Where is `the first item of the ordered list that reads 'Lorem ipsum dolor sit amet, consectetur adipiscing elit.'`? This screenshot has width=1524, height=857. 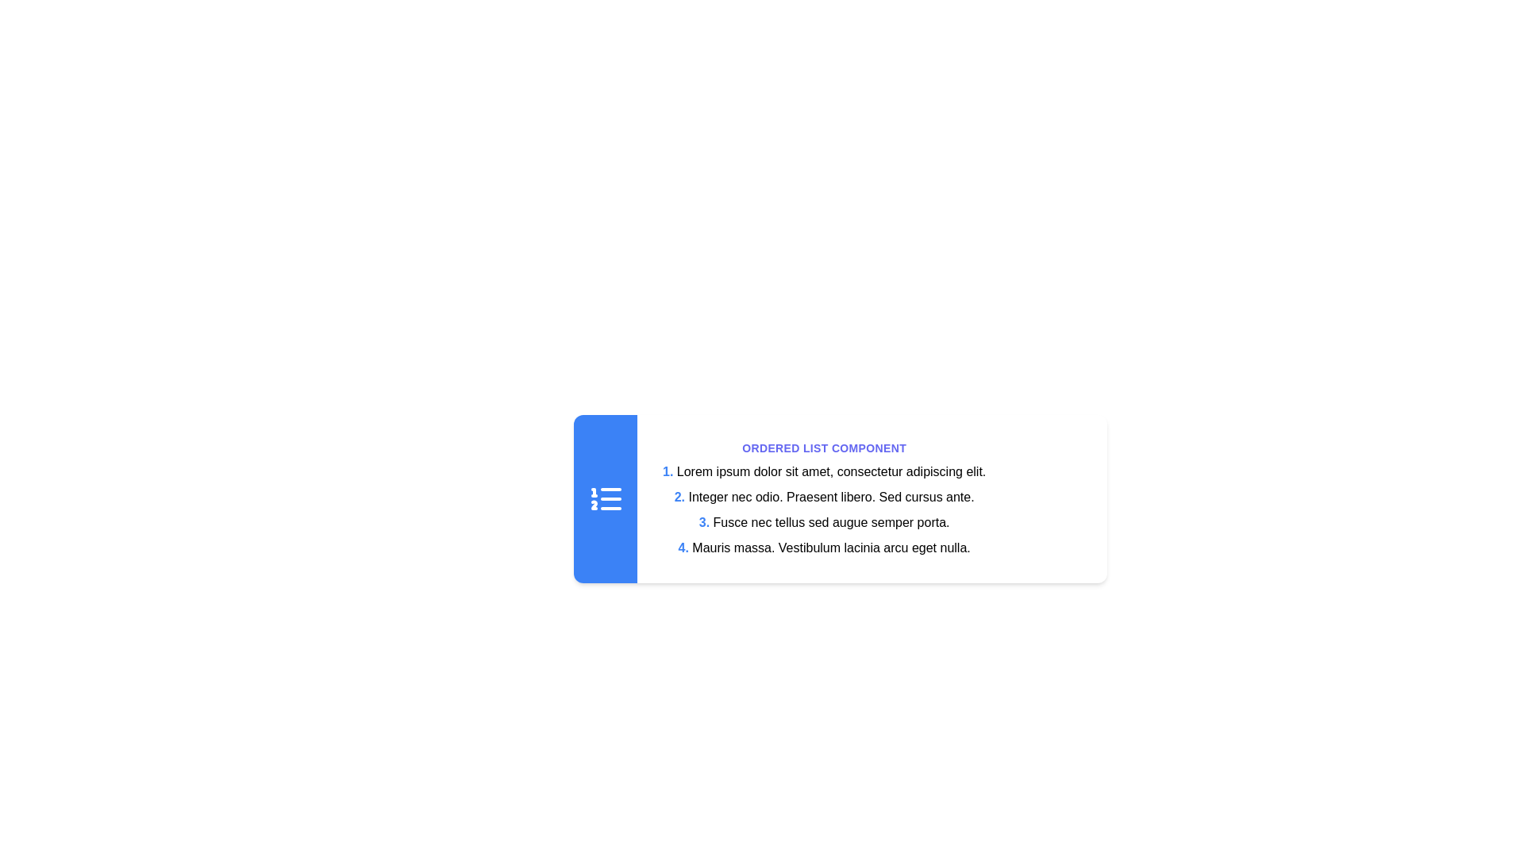 the first item of the ordered list that reads 'Lorem ipsum dolor sit amet, consectetur adipiscing elit.' is located at coordinates (824, 471).